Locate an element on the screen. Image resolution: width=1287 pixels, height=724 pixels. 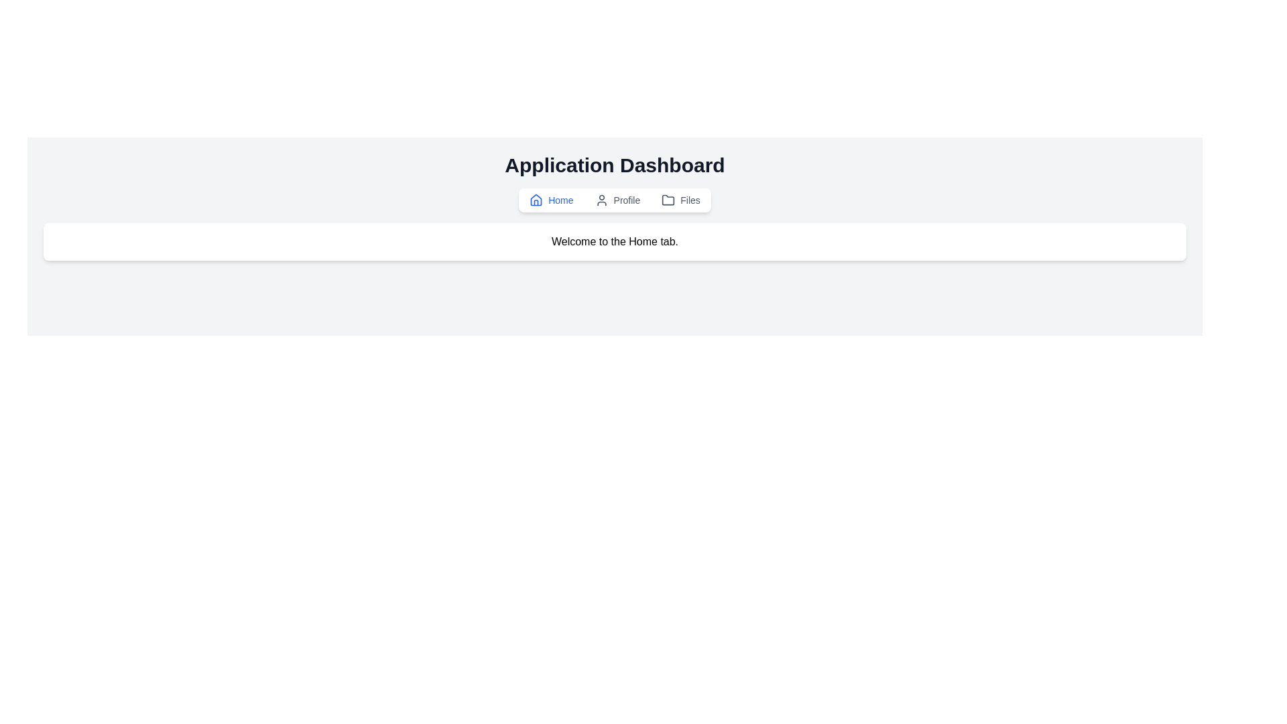
the 'Profile' button, which features a user icon and gray text, located in the middle of the navigation bar is located at coordinates (617, 200).